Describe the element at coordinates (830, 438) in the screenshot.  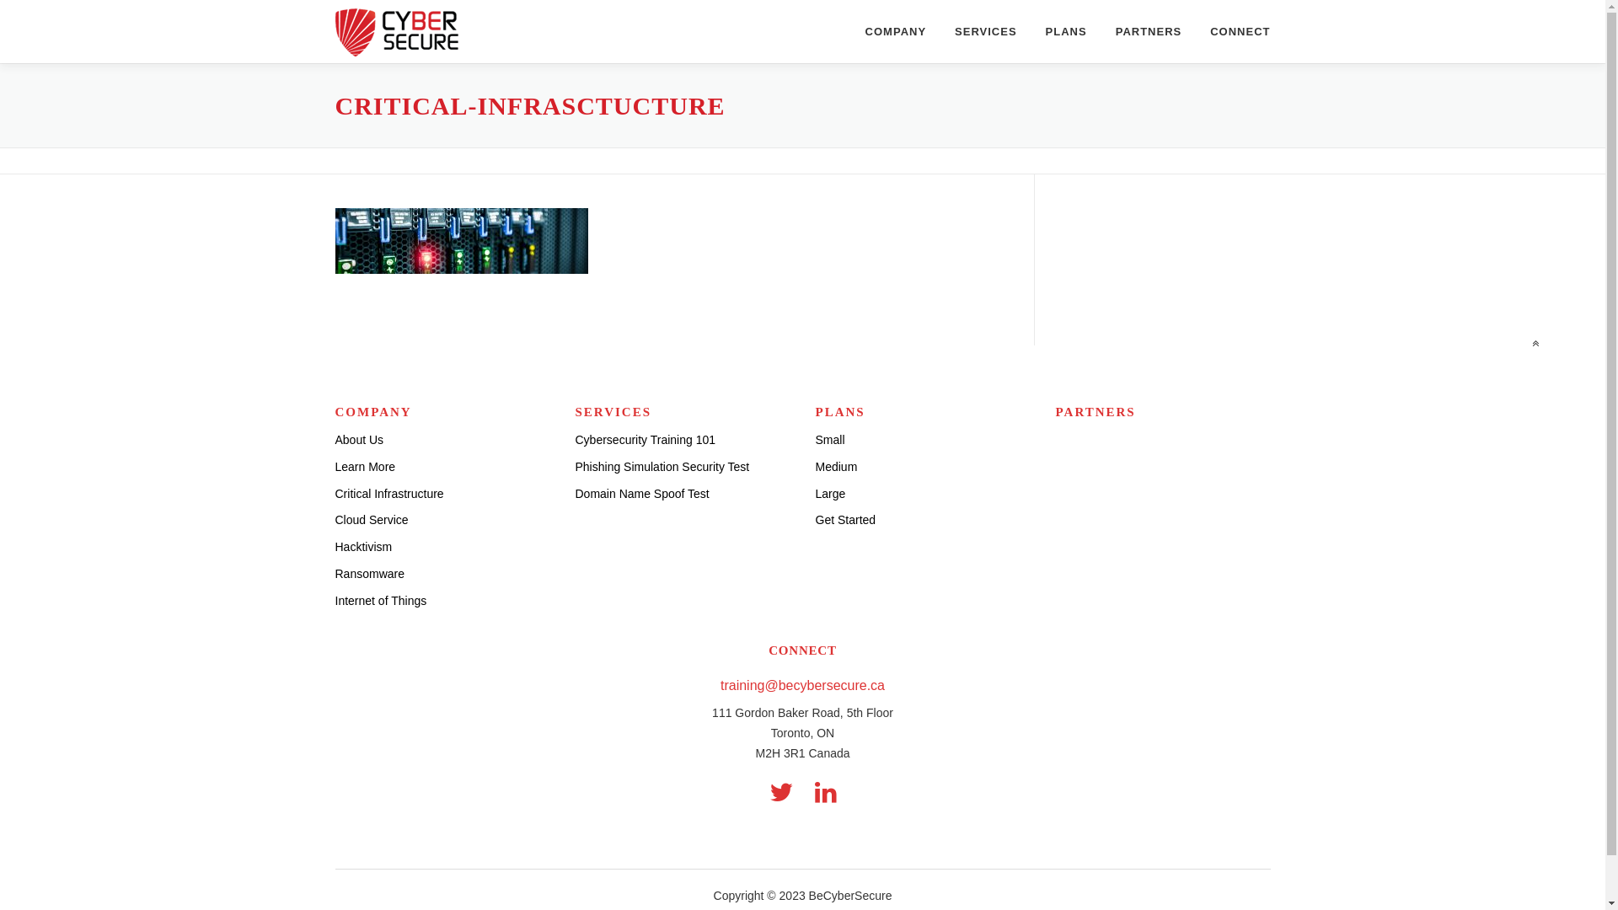
I see `'Small'` at that location.